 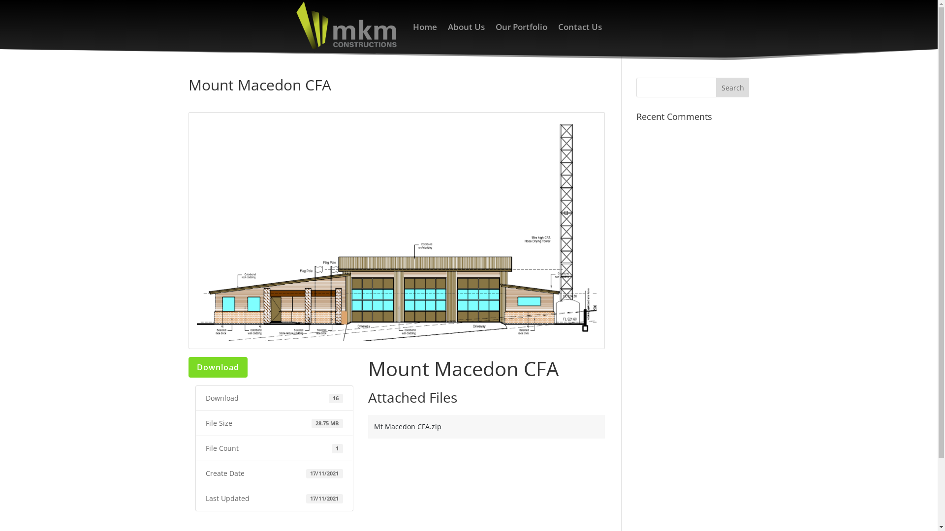 I want to click on 'About Us', so click(x=466, y=27).